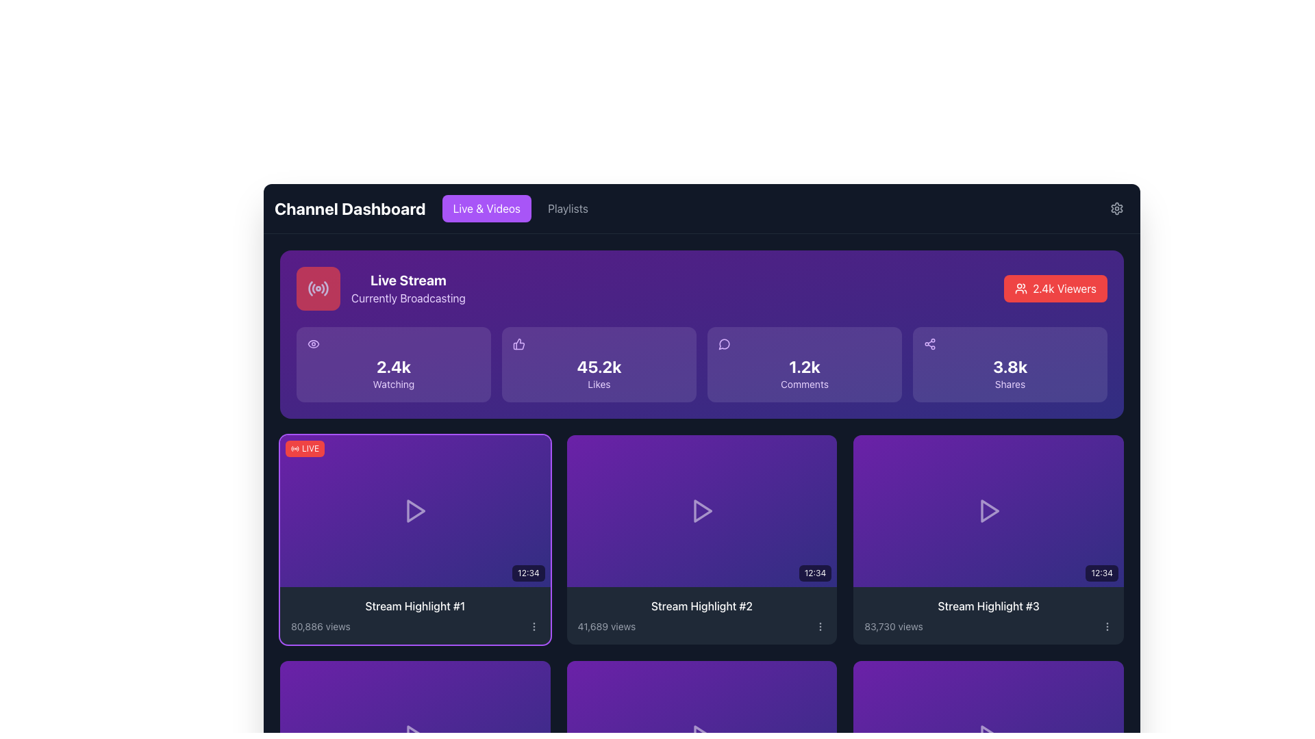  I want to click on the duration indicator label located at the bottom-right corner of the third tile in the grid, which shows the length of the associated video or stream, so click(1102, 573).